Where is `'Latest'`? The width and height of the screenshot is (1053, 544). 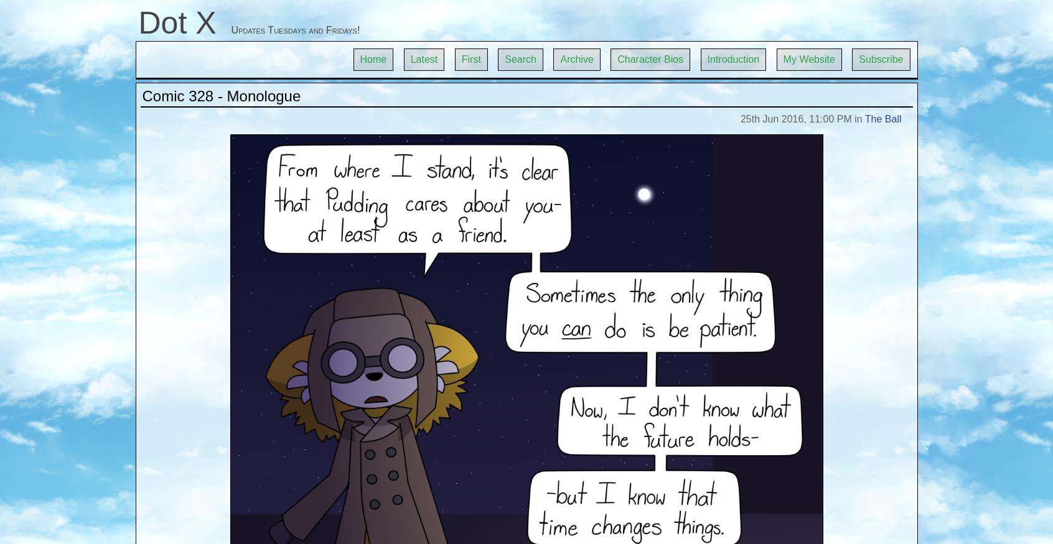 'Latest' is located at coordinates (424, 59).